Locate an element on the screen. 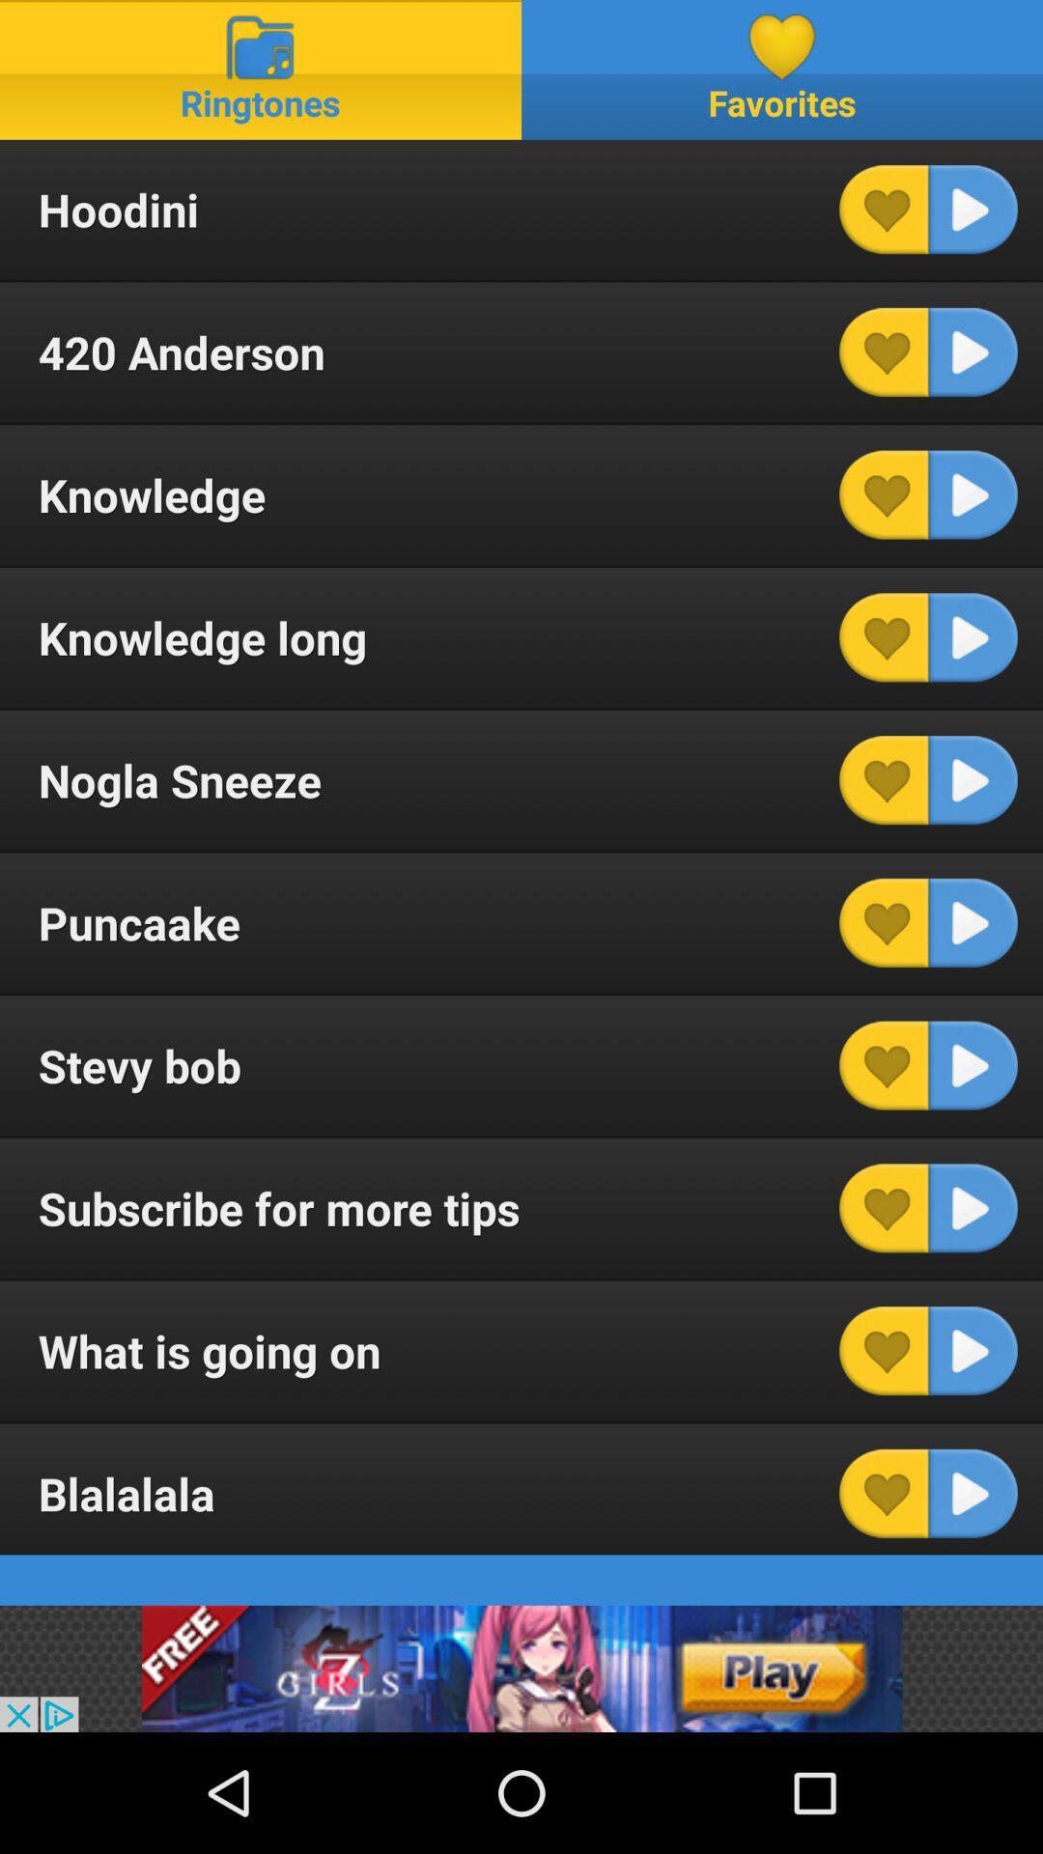 Image resolution: width=1043 pixels, height=1854 pixels. click on like is located at coordinates (884, 1492).